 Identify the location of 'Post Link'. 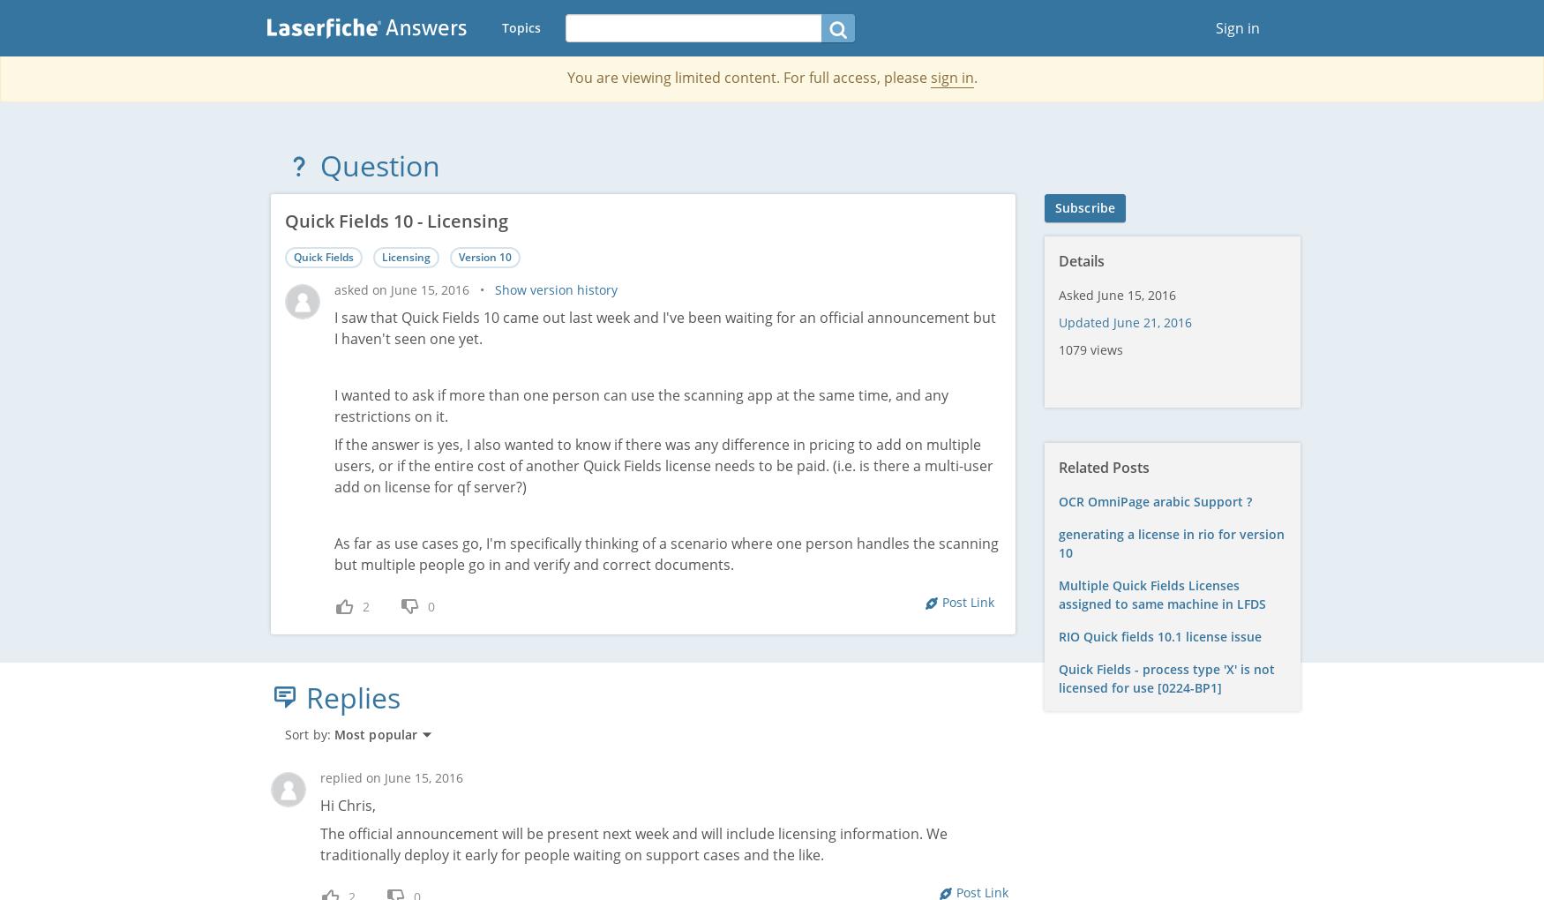
(968, 601).